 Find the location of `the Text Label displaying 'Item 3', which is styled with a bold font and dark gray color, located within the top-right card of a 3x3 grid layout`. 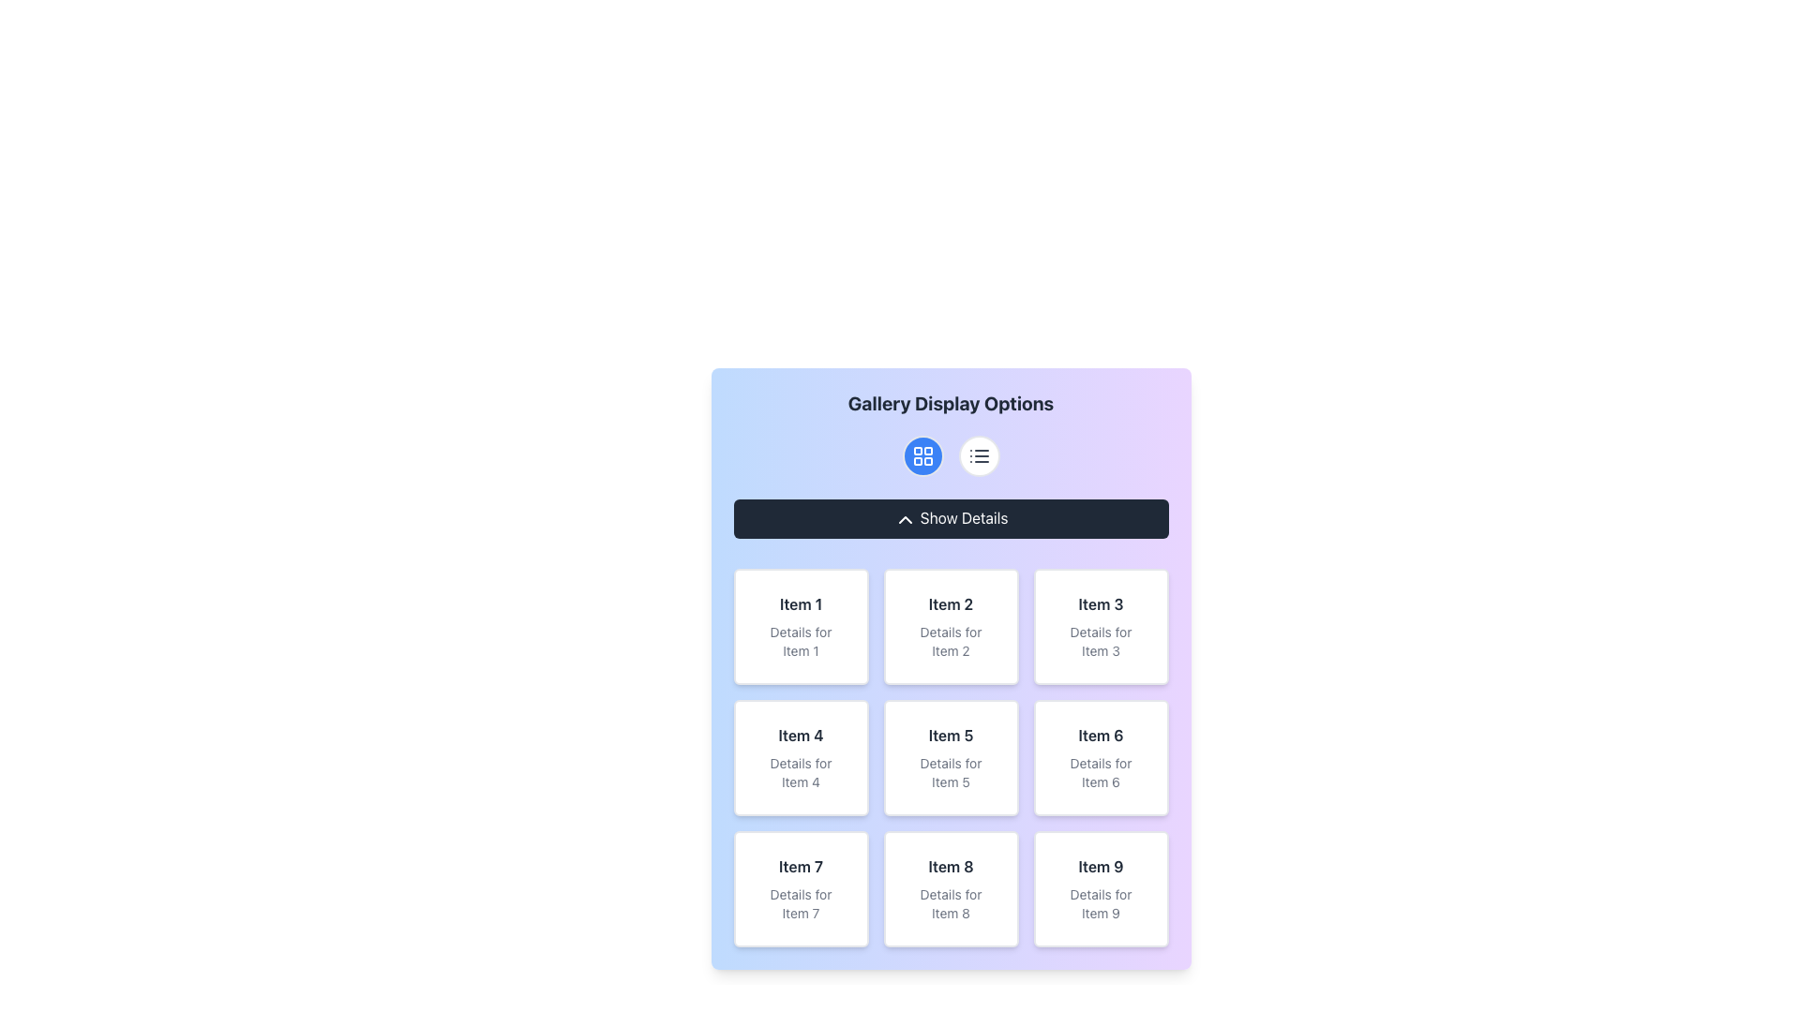

the Text Label displaying 'Item 3', which is styled with a bold font and dark gray color, located within the top-right card of a 3x3 grid layout is located at coordinates (1101, 603).